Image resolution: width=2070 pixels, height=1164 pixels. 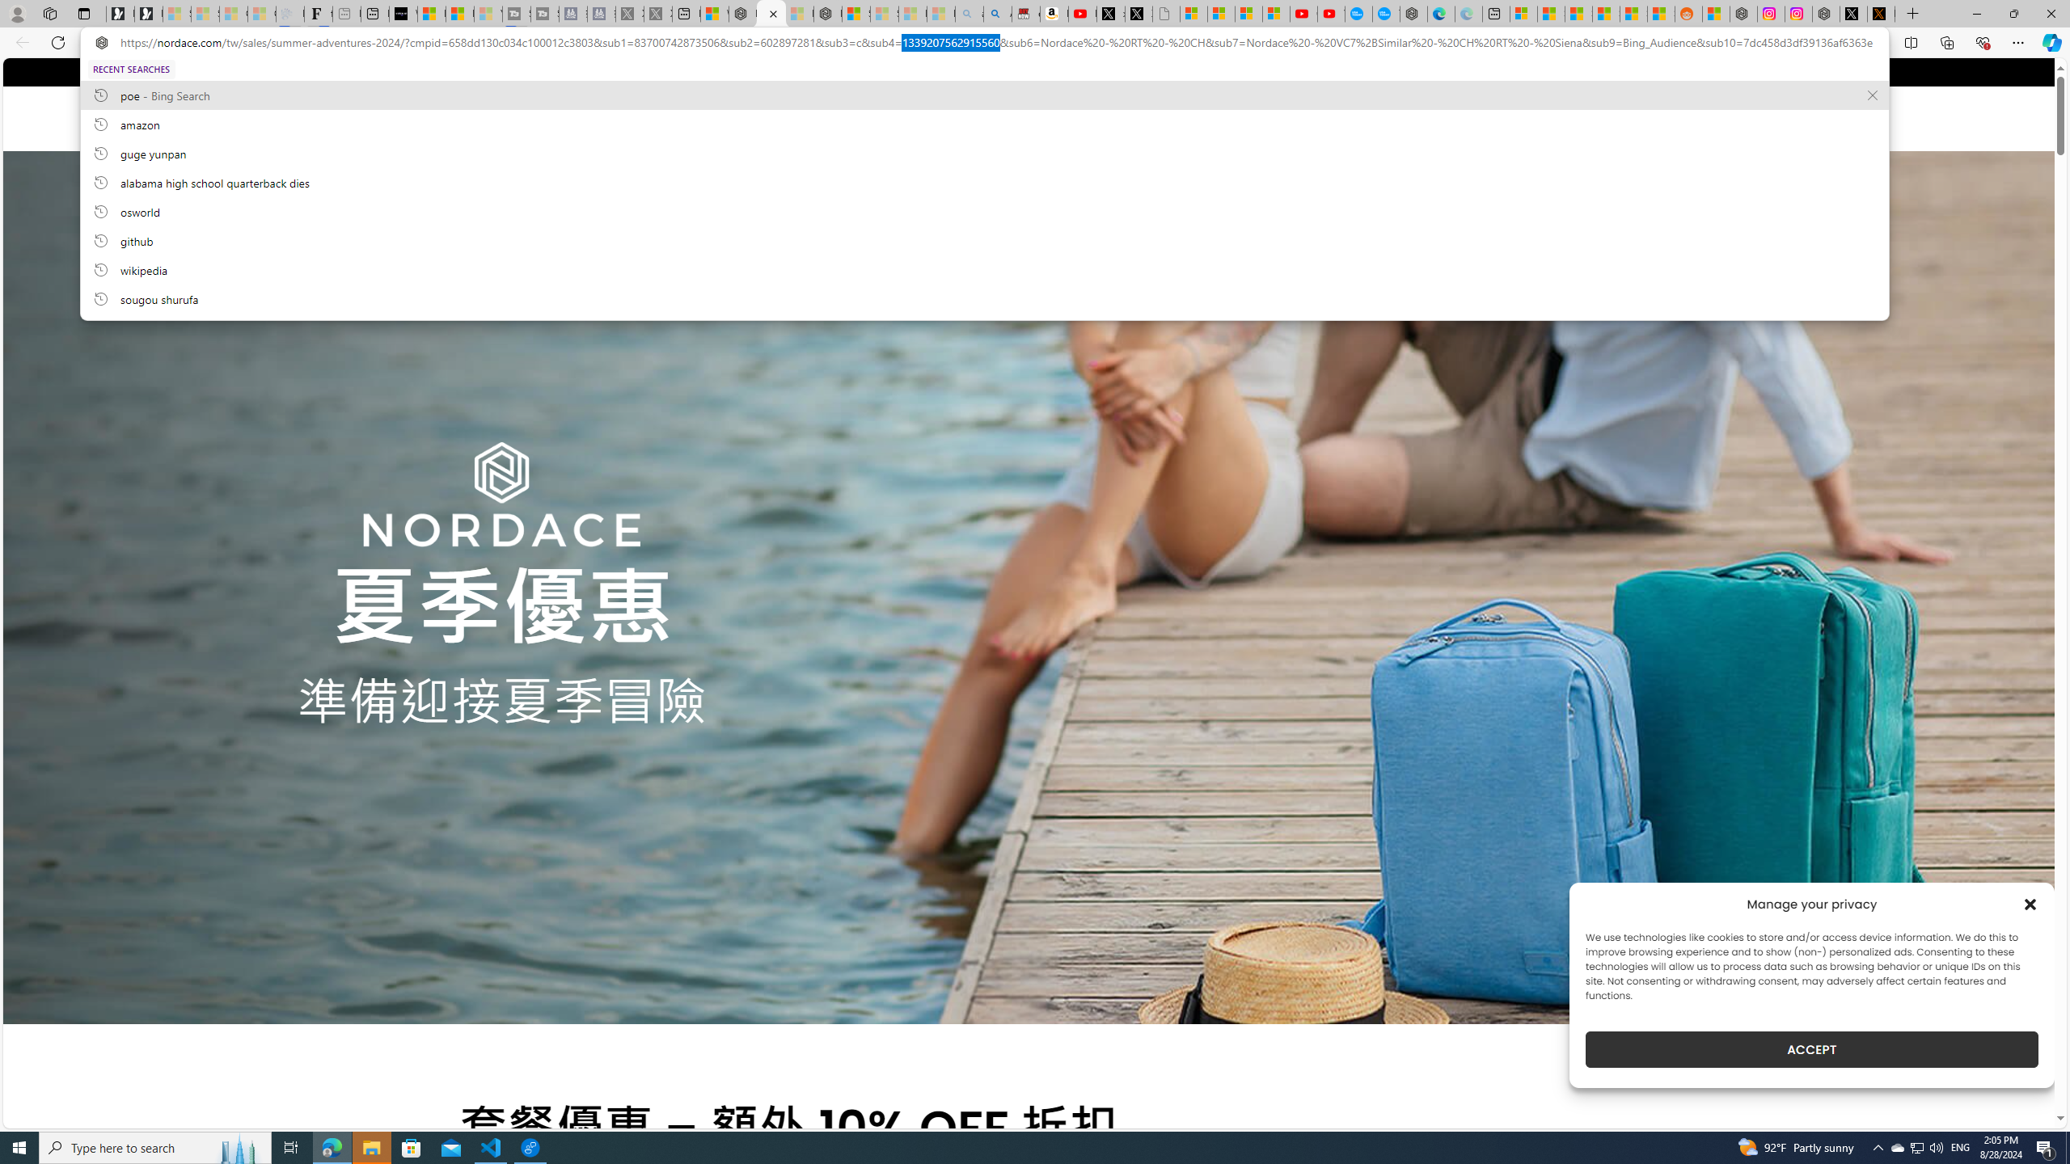 I want to click on 'Shanghai, China hourly forecast | Microsoft Weather', so click(x=1578, y=13).